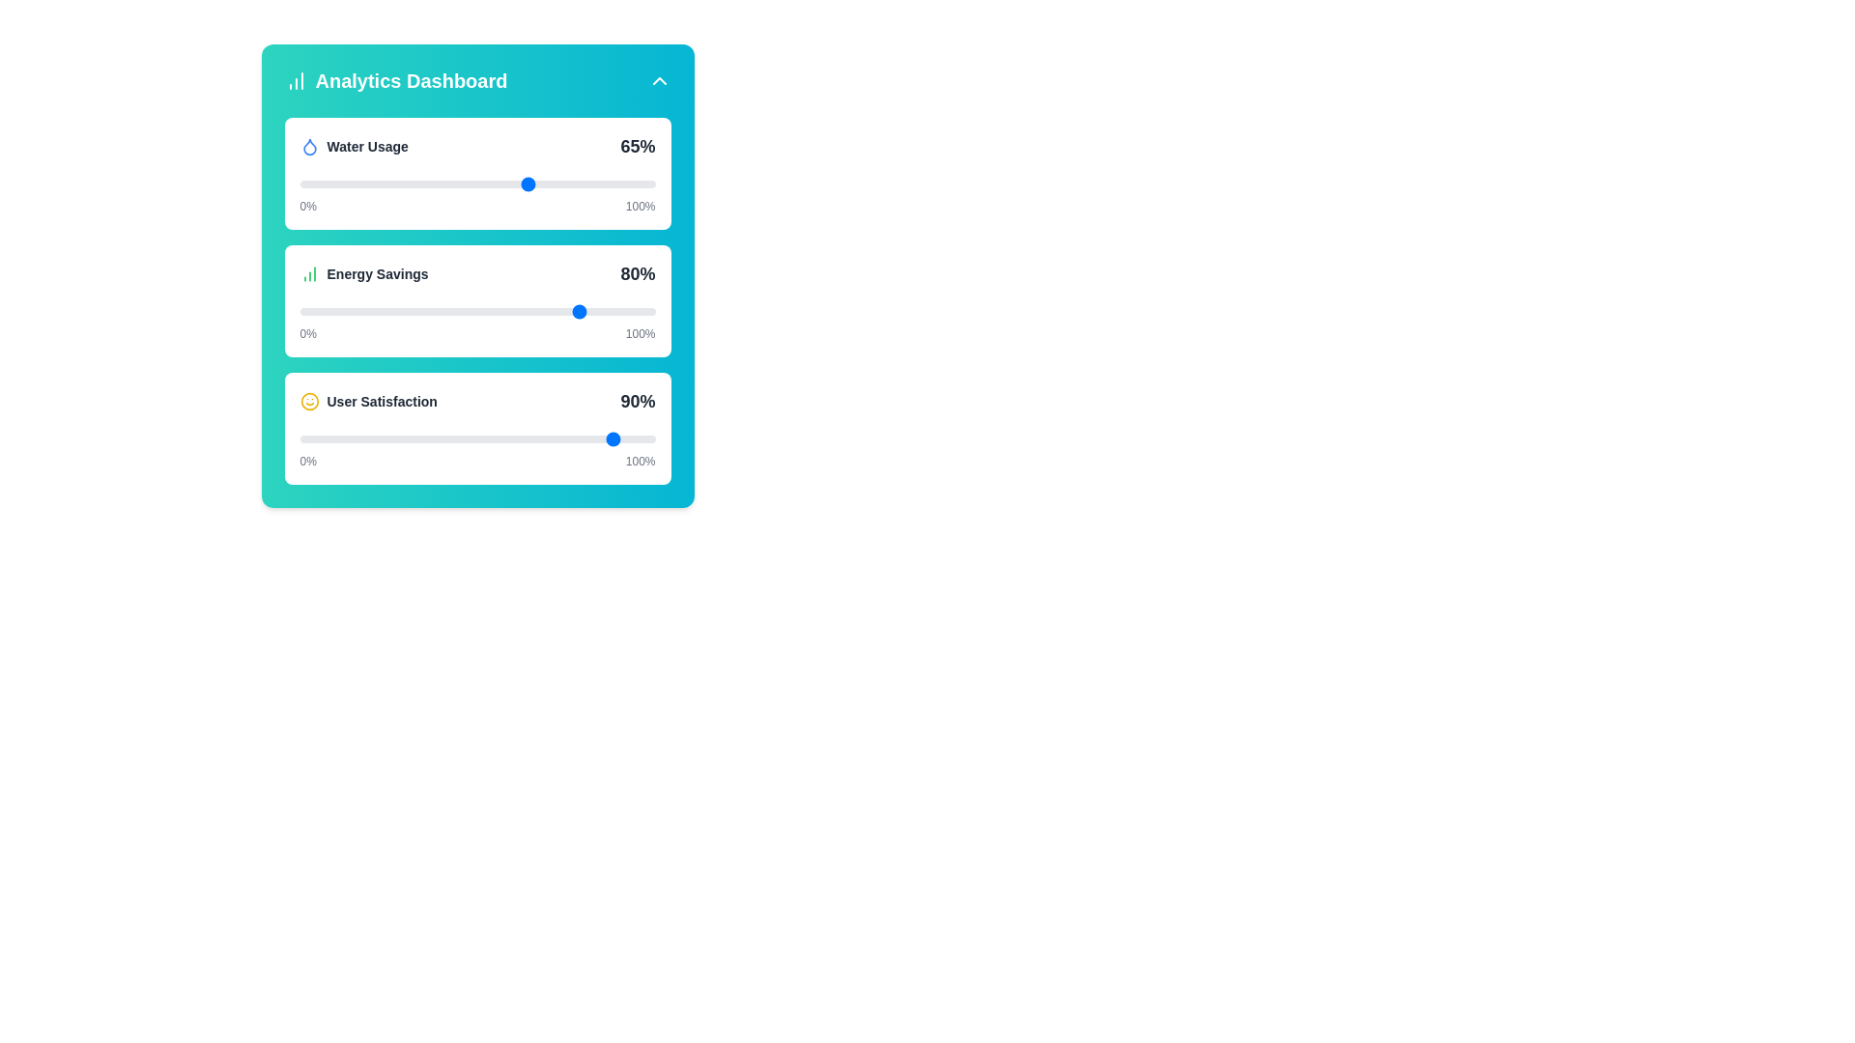  What do you see at coordinates (367, 145) in the screenshot?
I see `the text of the 'Water Usage' label, which is positioned to the right of the water droplet icon on the dashboard interface` at bounding box center [367, 145].